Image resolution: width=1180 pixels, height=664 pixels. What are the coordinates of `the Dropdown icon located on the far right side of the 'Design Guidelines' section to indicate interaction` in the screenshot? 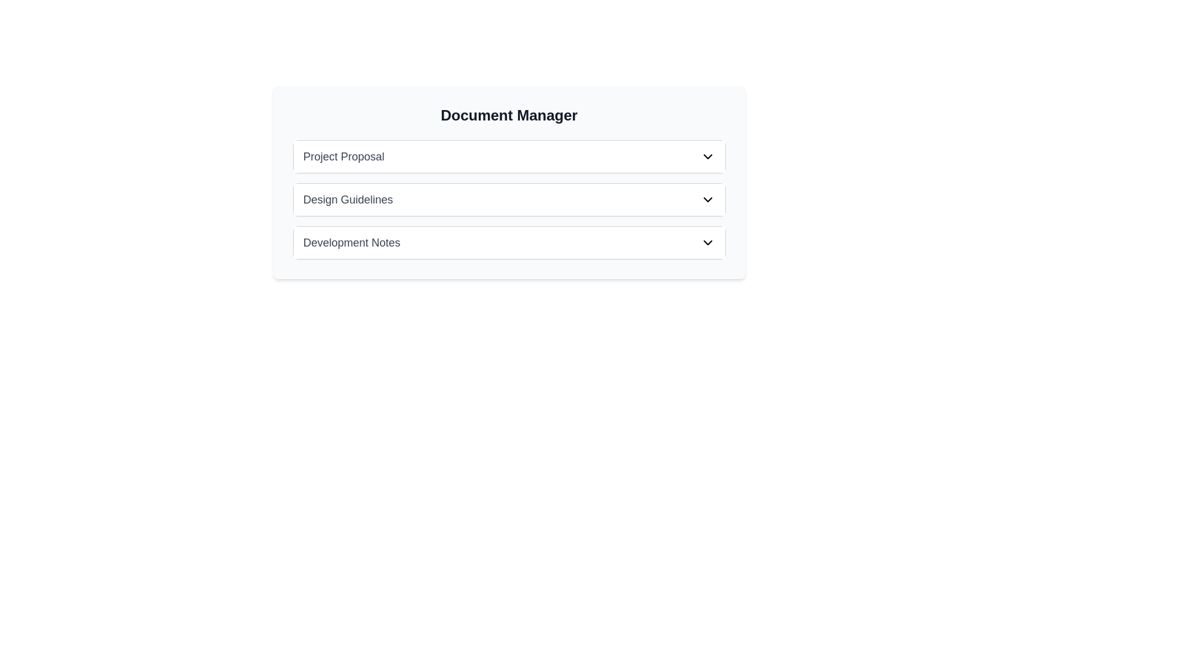 It's located at (707, 199).